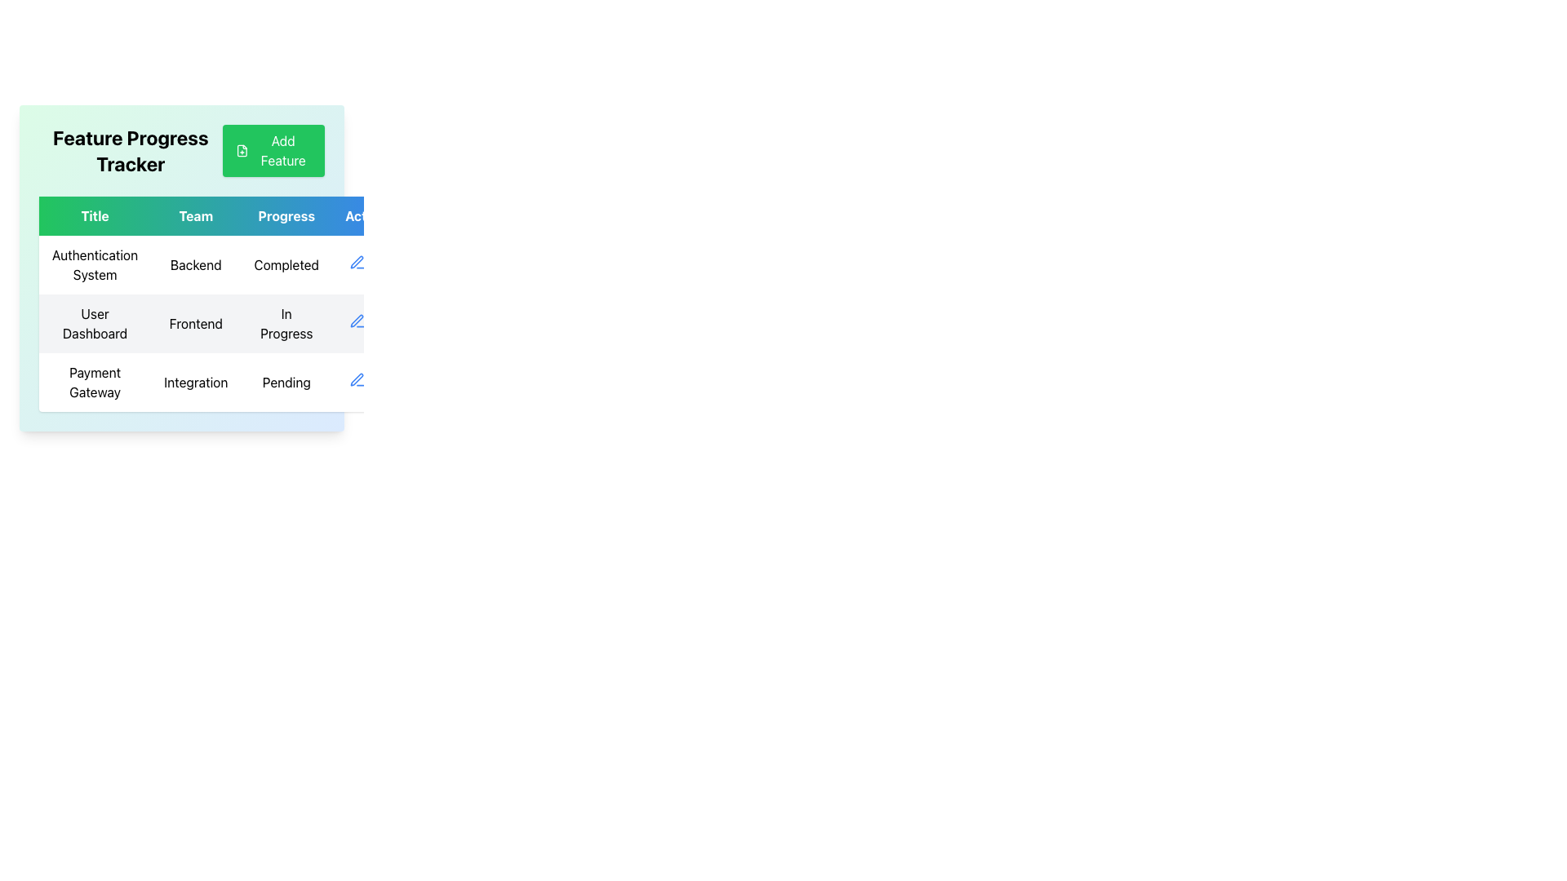 This screenshot has height=881, width=1567. What do you see at coordinates (286, 215) in the screenshot?
I see `the text label displaying 'Progress', which is the third column header in a row of headers, located near the top center of the interface` at bounding box center [286, 215].